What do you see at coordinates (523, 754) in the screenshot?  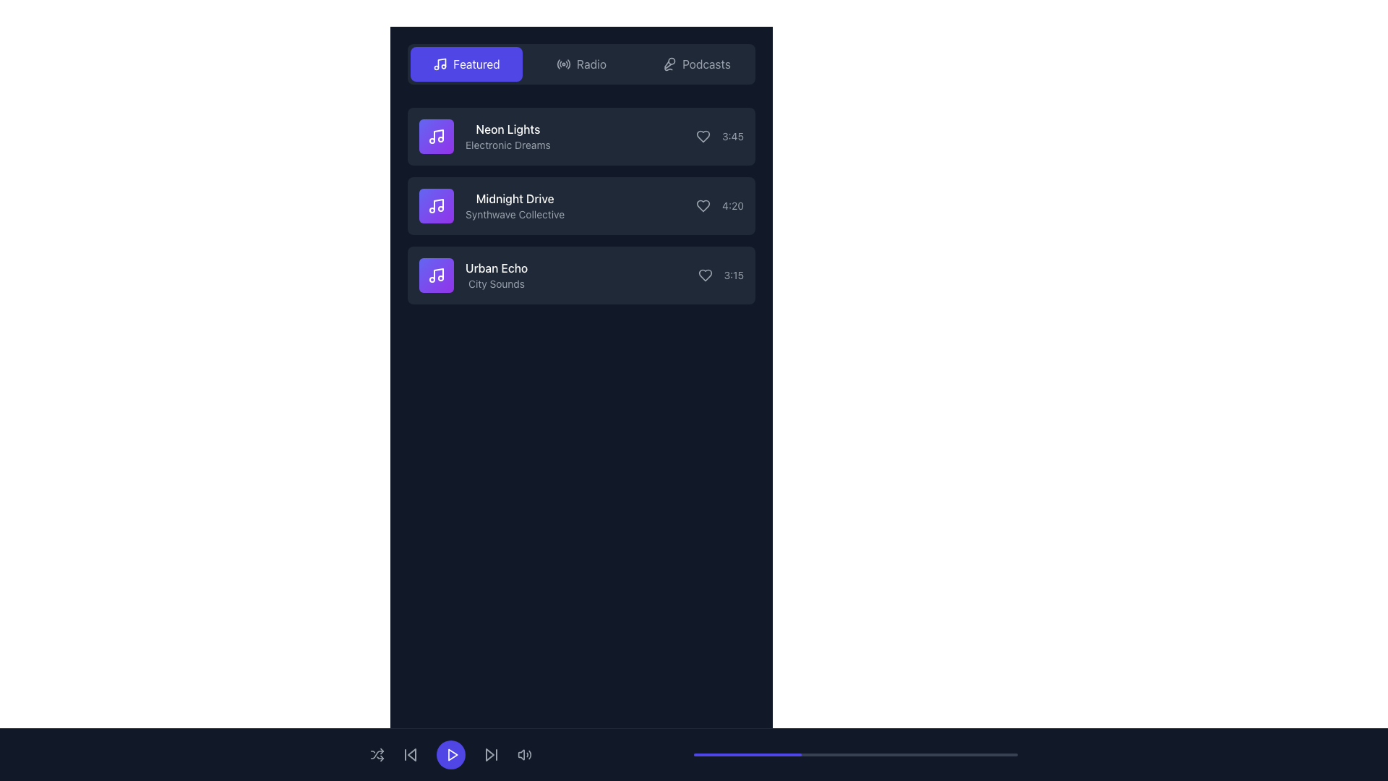 I see `the speaker icon with sound waves, styled in light gray, located at the bottom-right corner of the interface to change its styling to white` at bounding box center [523, 754].